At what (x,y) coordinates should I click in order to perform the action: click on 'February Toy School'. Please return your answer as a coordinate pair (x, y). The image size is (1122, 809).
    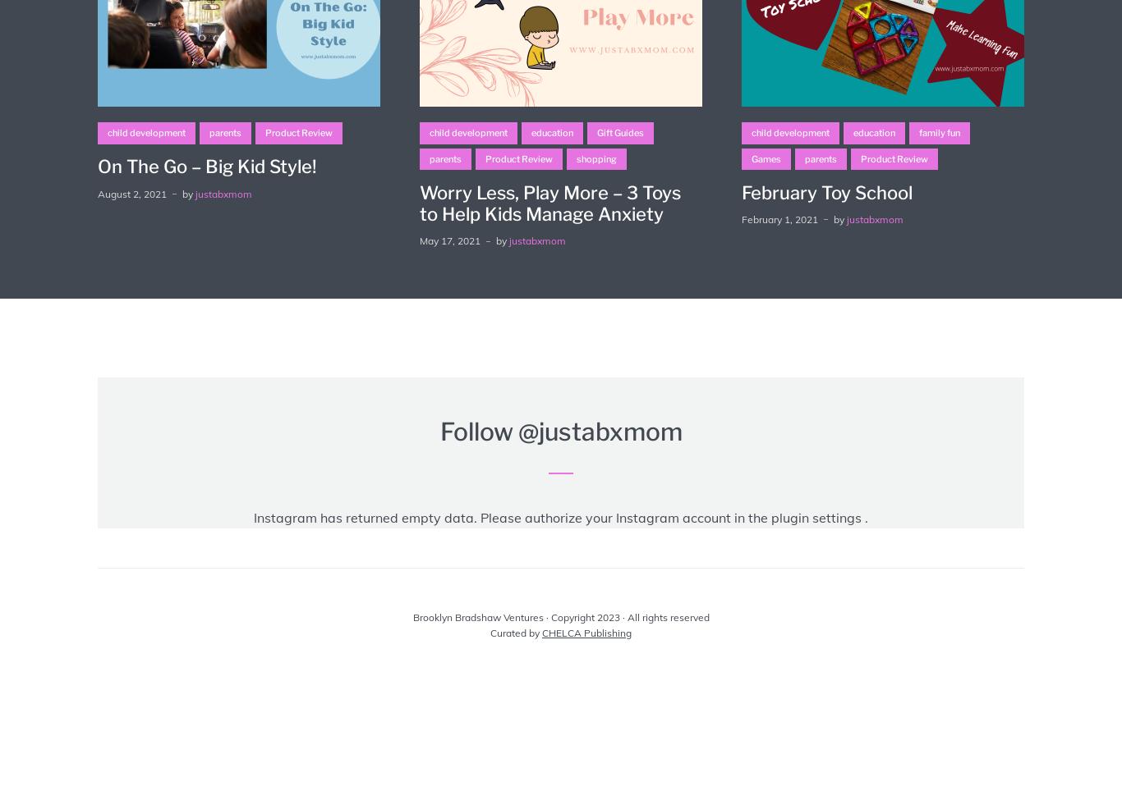
    Looking at the image, I should click on (826, 190).